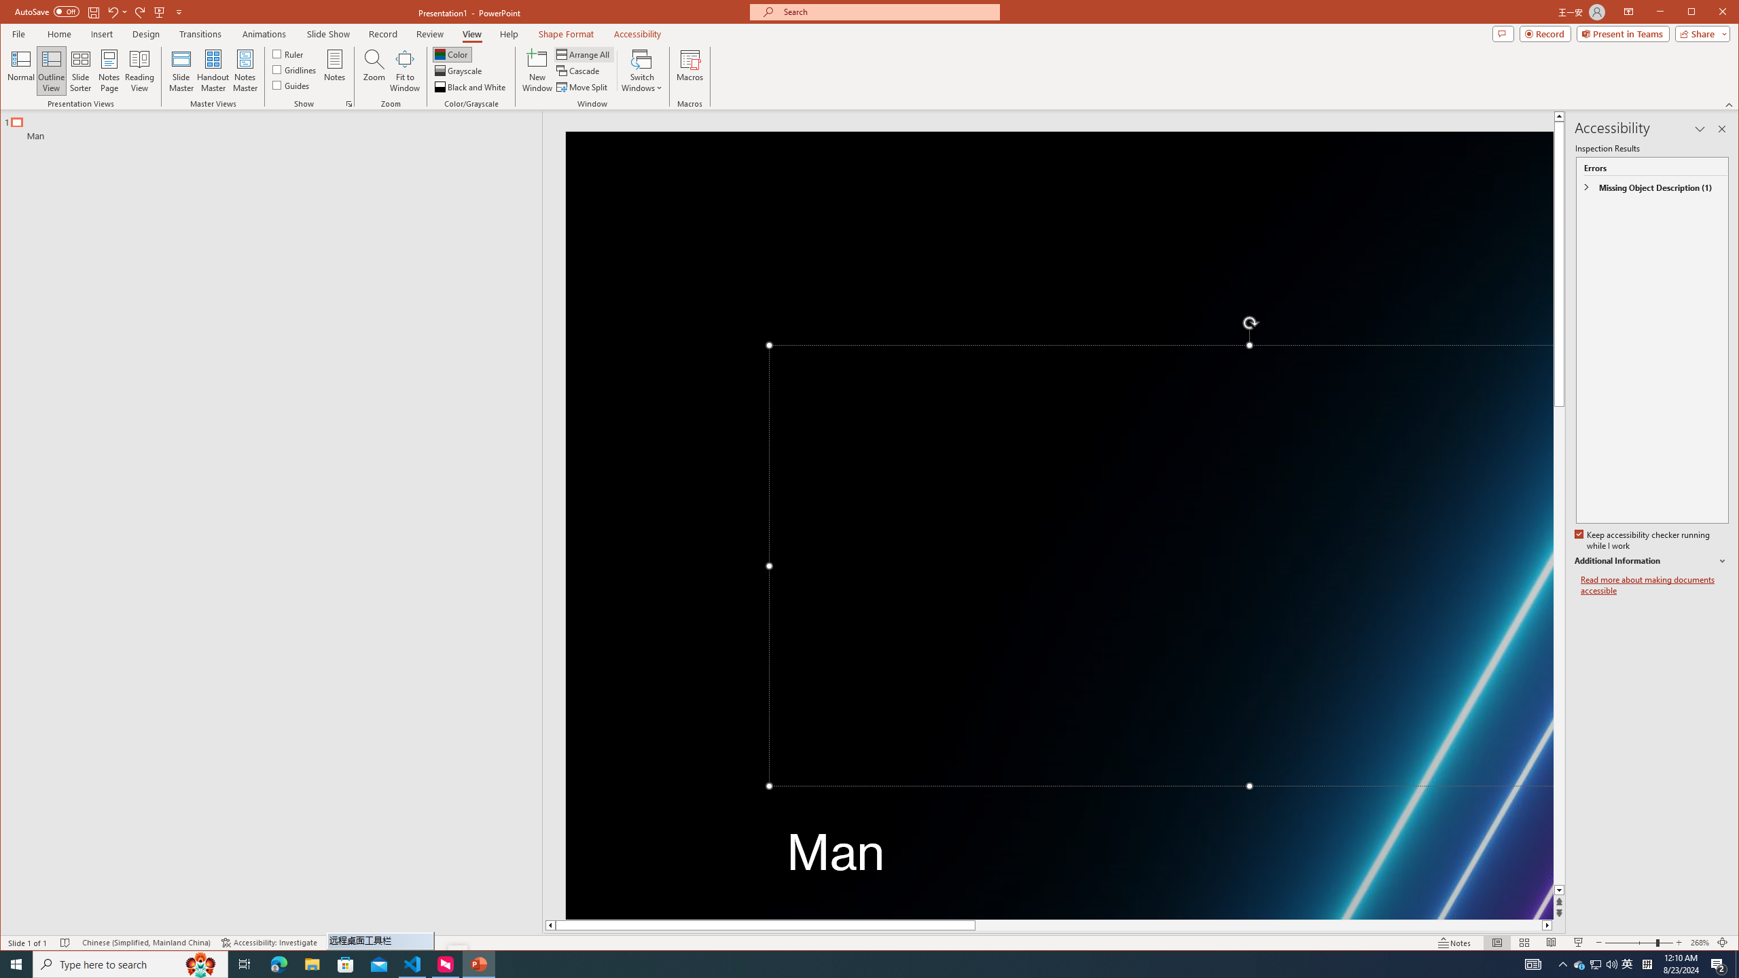 The height and width of the screenshot is (978, 1739). I want to click on 'New Window', so click(537, 70).